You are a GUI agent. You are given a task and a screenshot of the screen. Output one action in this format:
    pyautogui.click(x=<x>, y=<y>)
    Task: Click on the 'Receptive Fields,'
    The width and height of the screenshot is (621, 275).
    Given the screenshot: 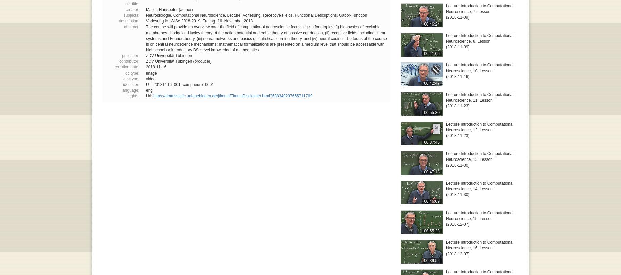 What is the action you would take?
    pyautogui.click(x=279, y=15)
    